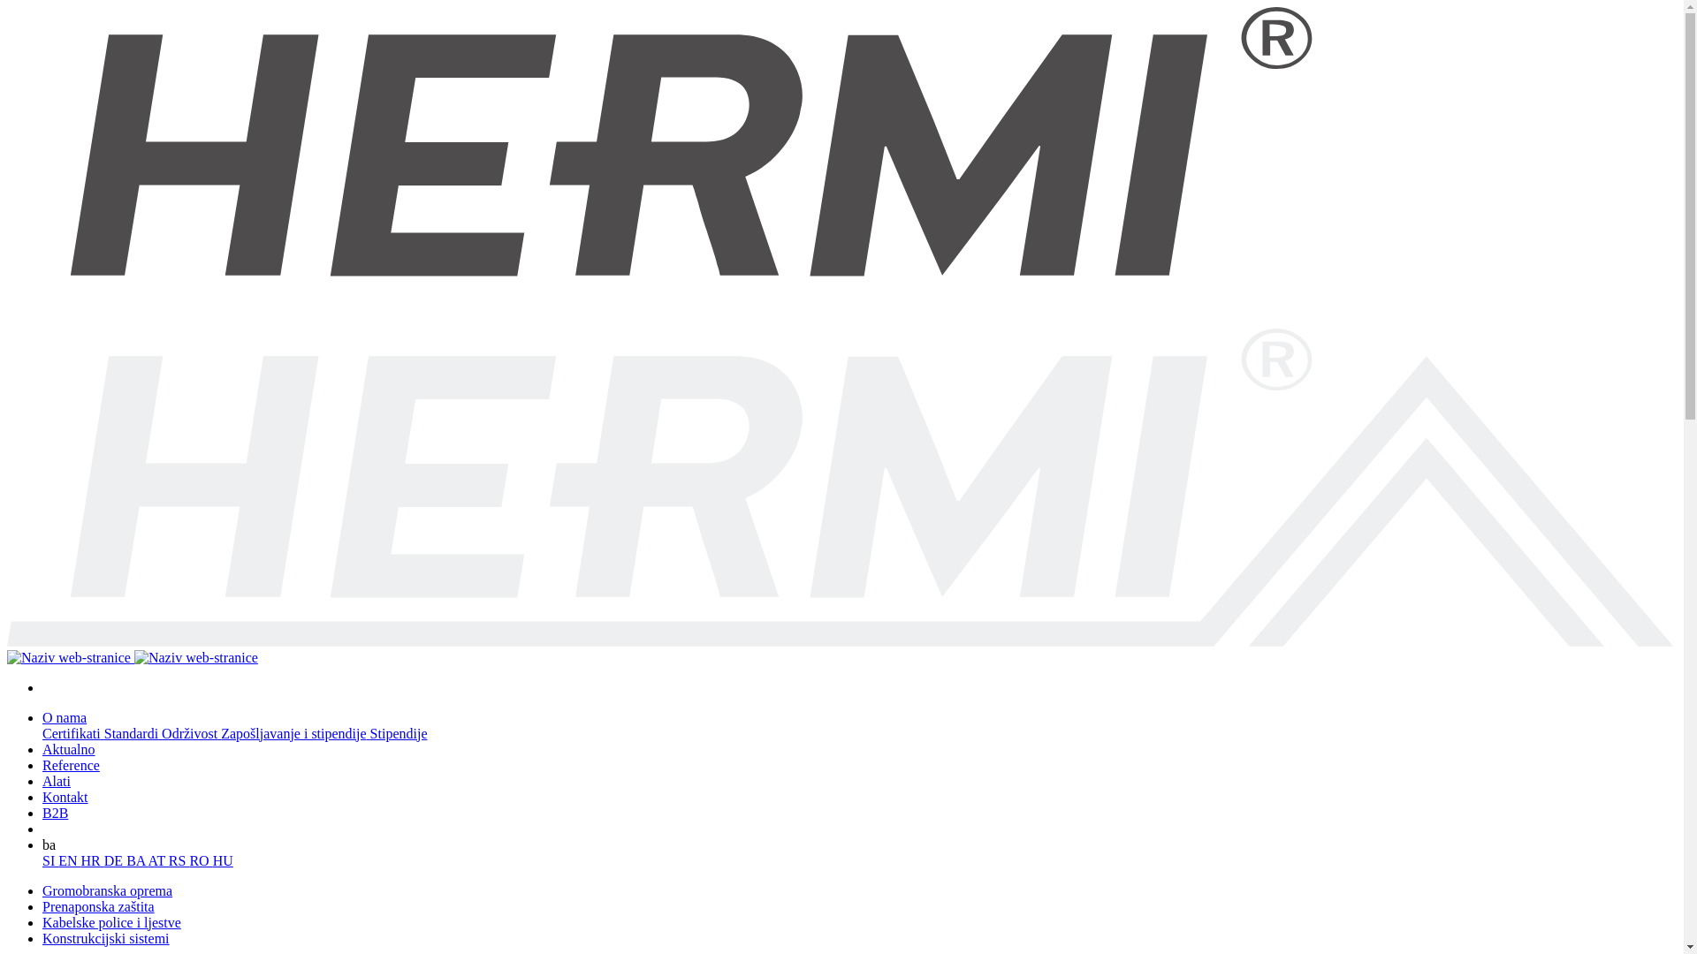  I want to click on 'Alati', so click(56, 780).